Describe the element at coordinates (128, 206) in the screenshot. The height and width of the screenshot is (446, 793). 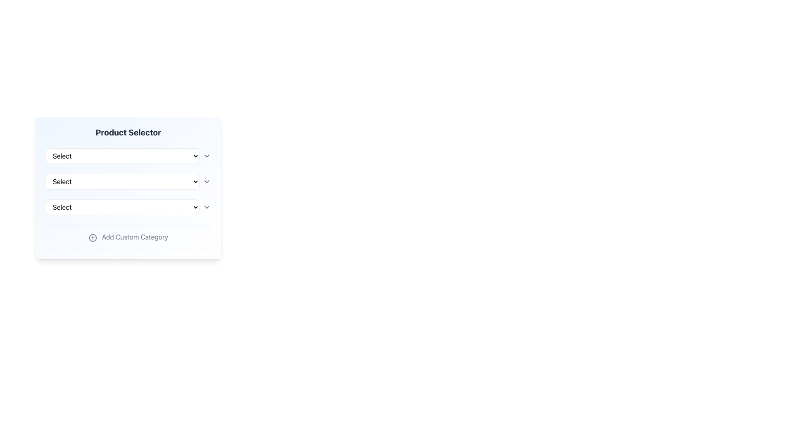
I see `the third dropdown menu under the 'Product Selector' title to select an option from the list` at that location.